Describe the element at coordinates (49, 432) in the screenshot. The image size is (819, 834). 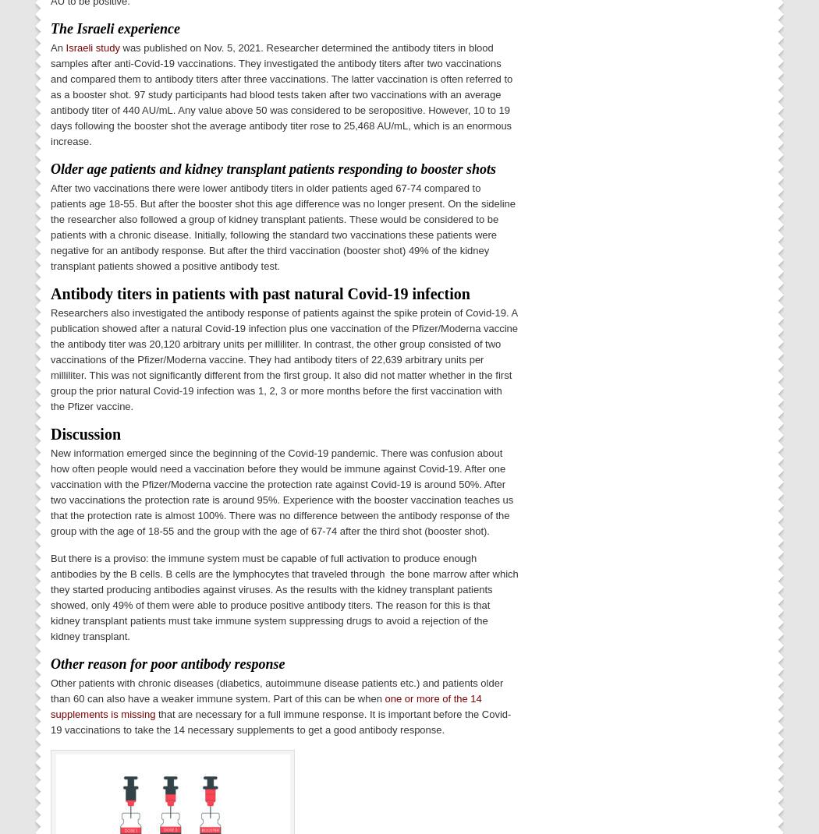
I see `'Discussion'` at that location.